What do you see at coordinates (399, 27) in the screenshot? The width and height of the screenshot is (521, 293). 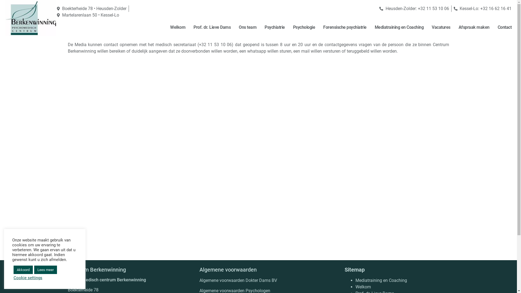 I see `'Mediatraining en Coaching'` at bounding box center [399, 27].